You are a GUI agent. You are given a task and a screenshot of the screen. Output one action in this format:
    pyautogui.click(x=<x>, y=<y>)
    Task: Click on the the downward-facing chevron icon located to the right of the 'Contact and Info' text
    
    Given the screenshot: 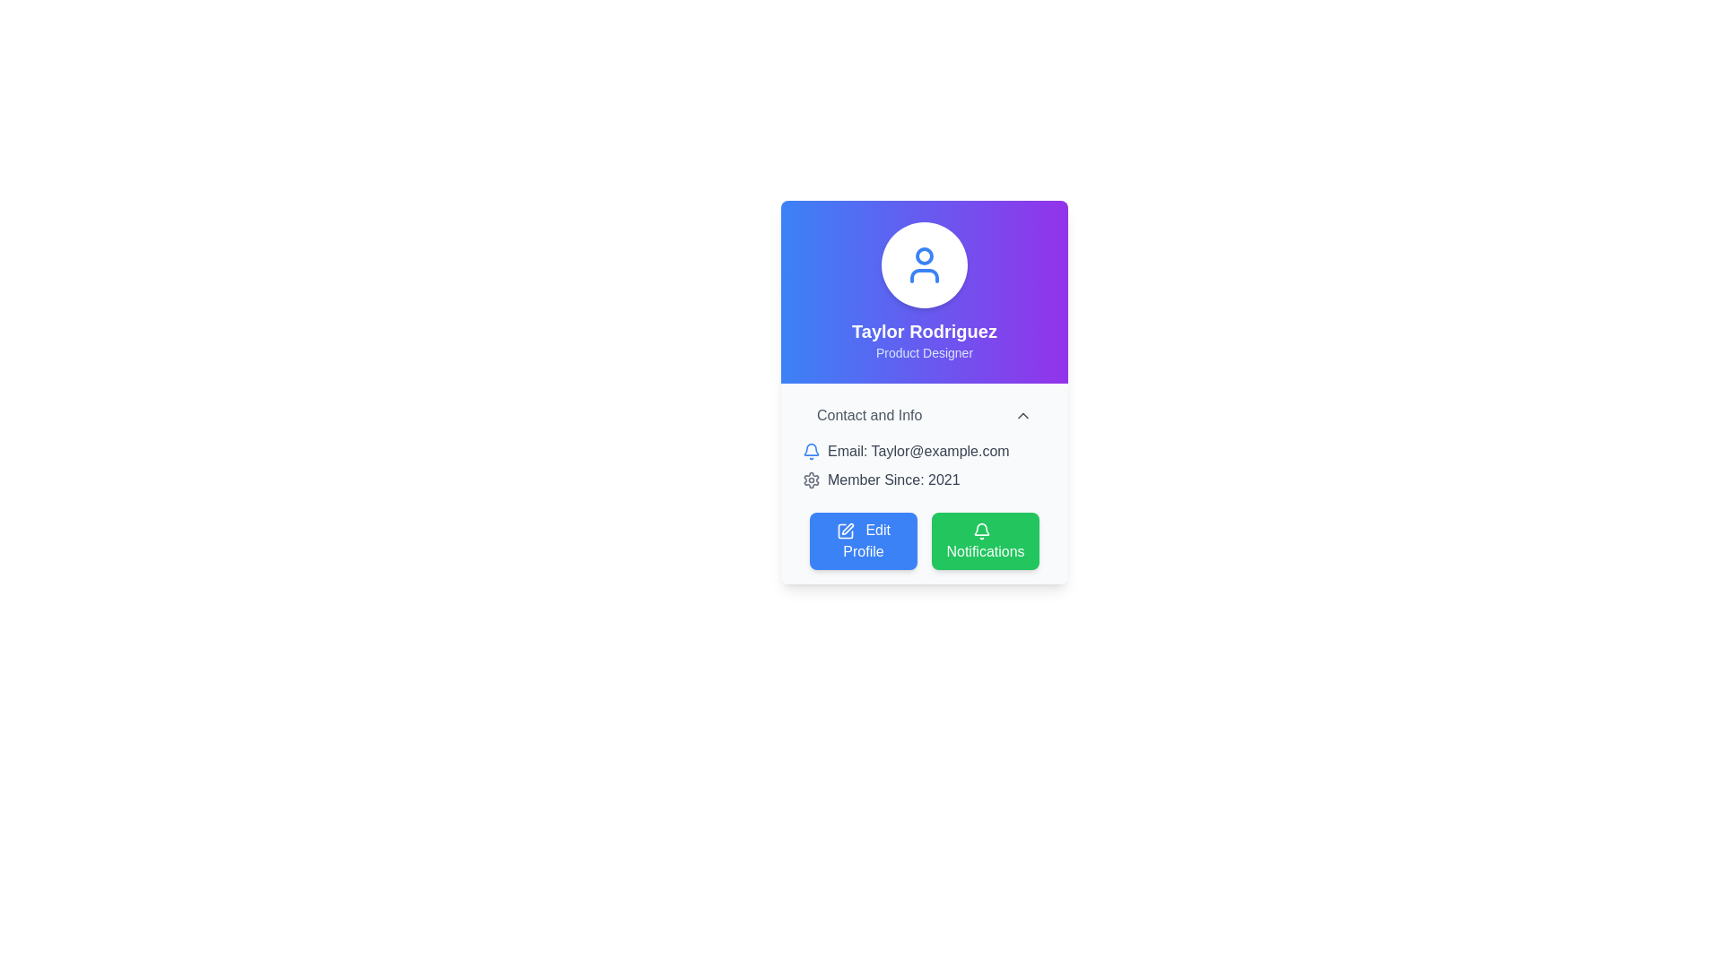 What is the action you would take?
    pyautogui.click(x=1023, y=415)
    